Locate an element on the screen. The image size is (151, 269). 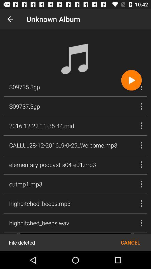
the icon next to the s09735.3gp item is located at coordinates (131, 80).